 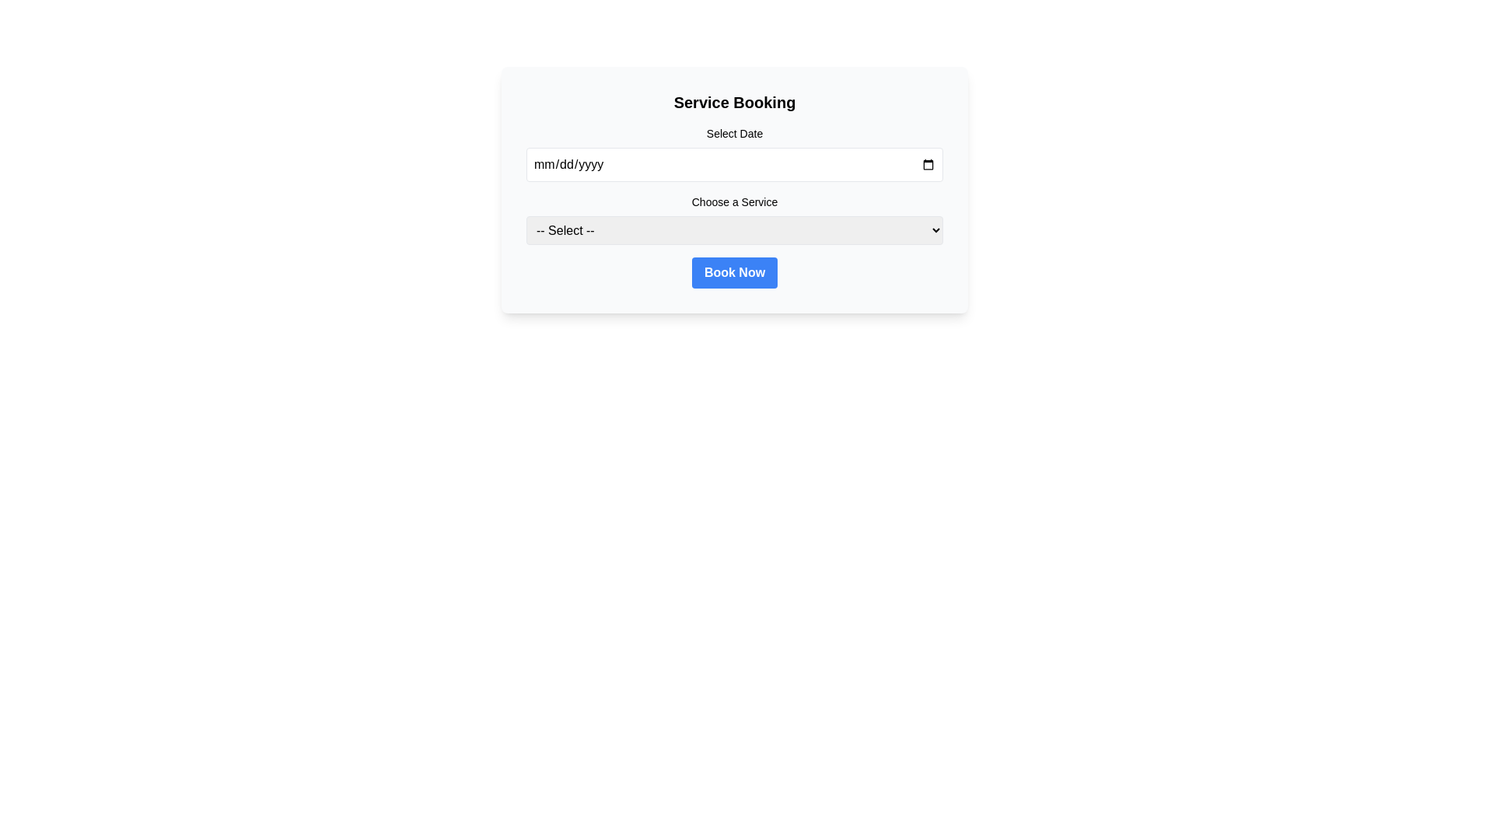 I want to click on the submission button located in the bottom section of the 'Service Booking' card, so click(x=734, y=272).